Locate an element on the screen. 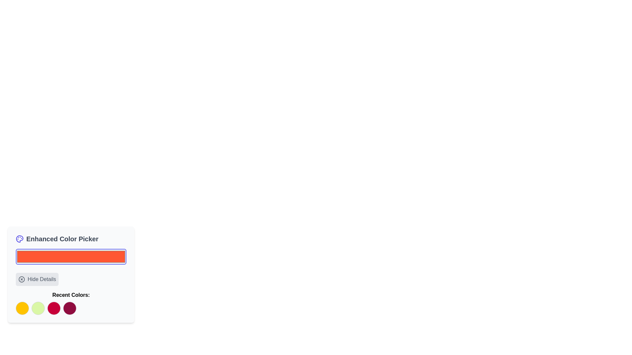 This screenshot has height=355, width=632. the 'Hide Details' button by clicking on the icon located to the left of the text 'Hide Details' is located at coordinates (22, 279).